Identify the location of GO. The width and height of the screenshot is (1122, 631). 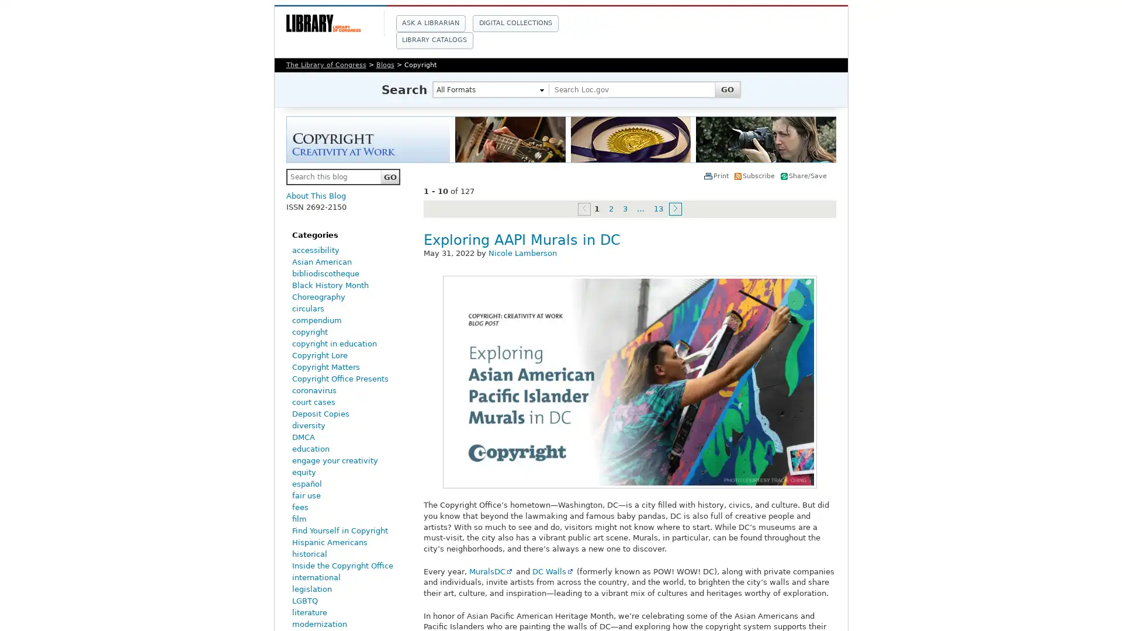
(726, 89).